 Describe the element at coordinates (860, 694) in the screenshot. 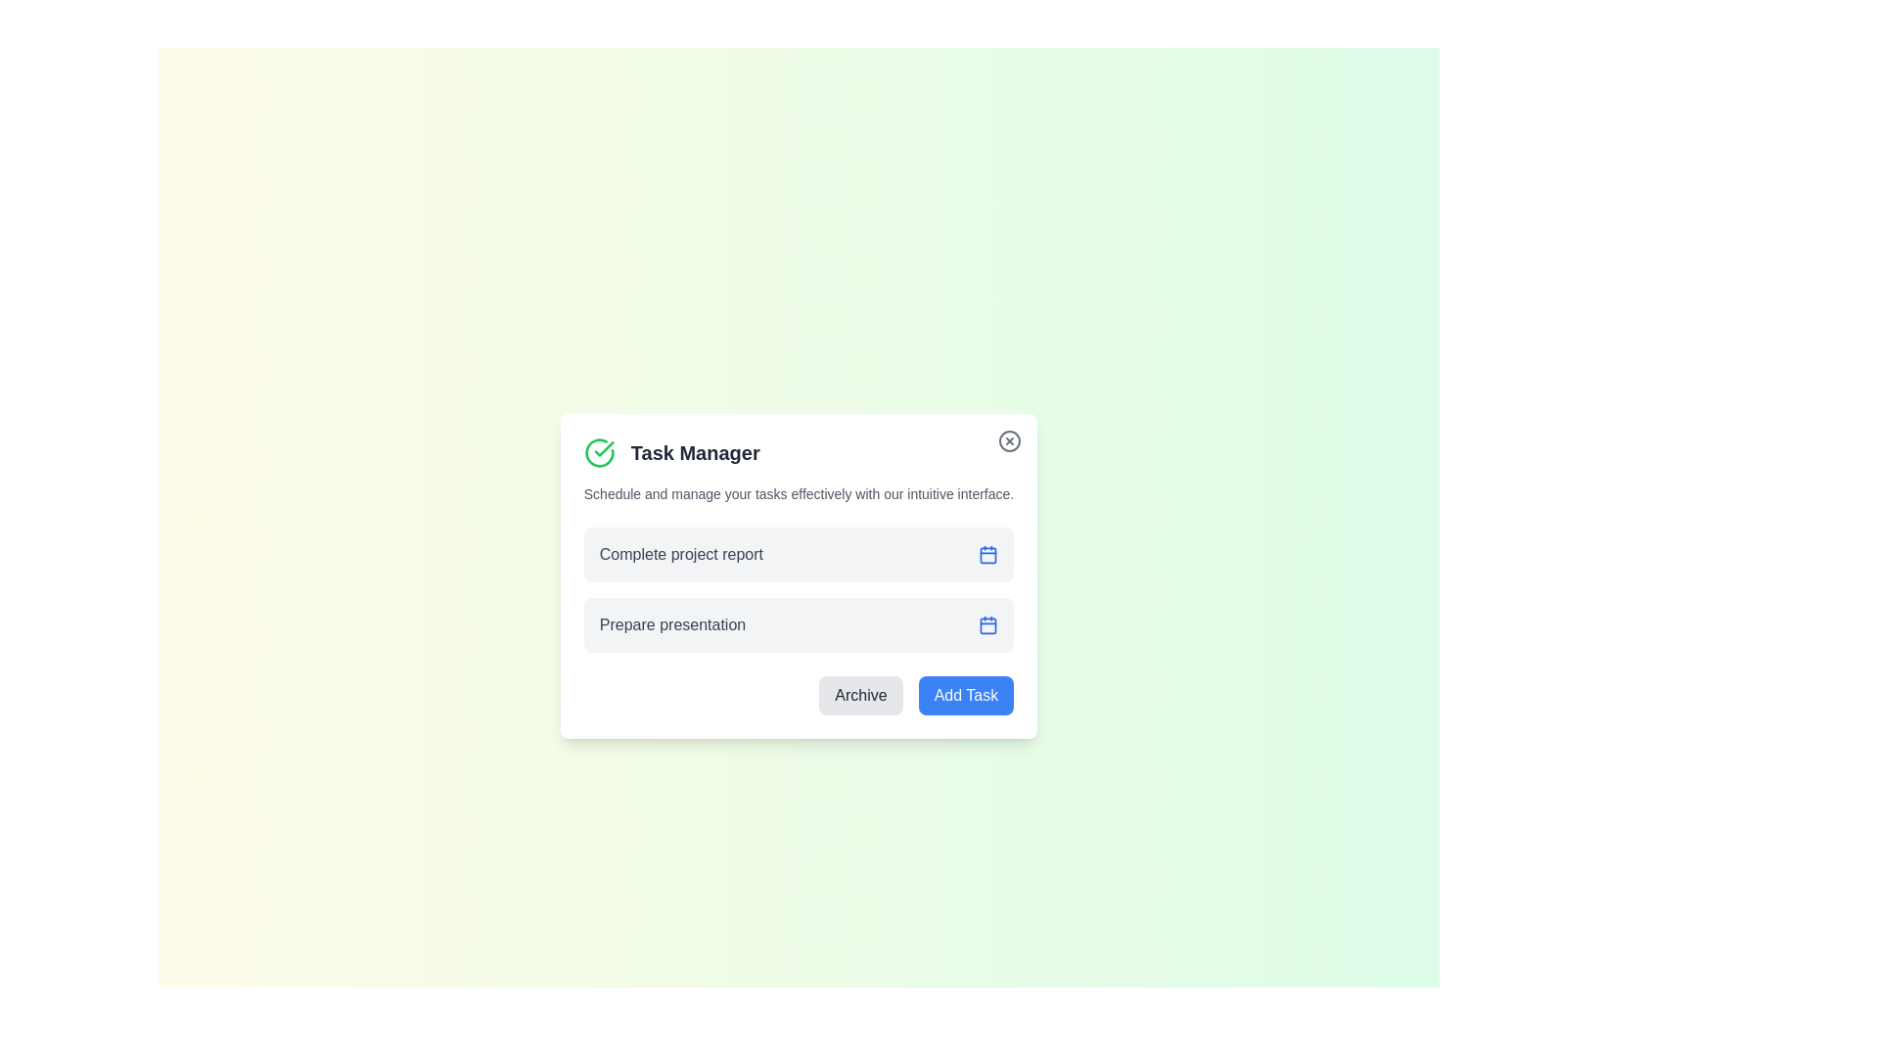

I see `'Archive' button to archive tasks` at that location.